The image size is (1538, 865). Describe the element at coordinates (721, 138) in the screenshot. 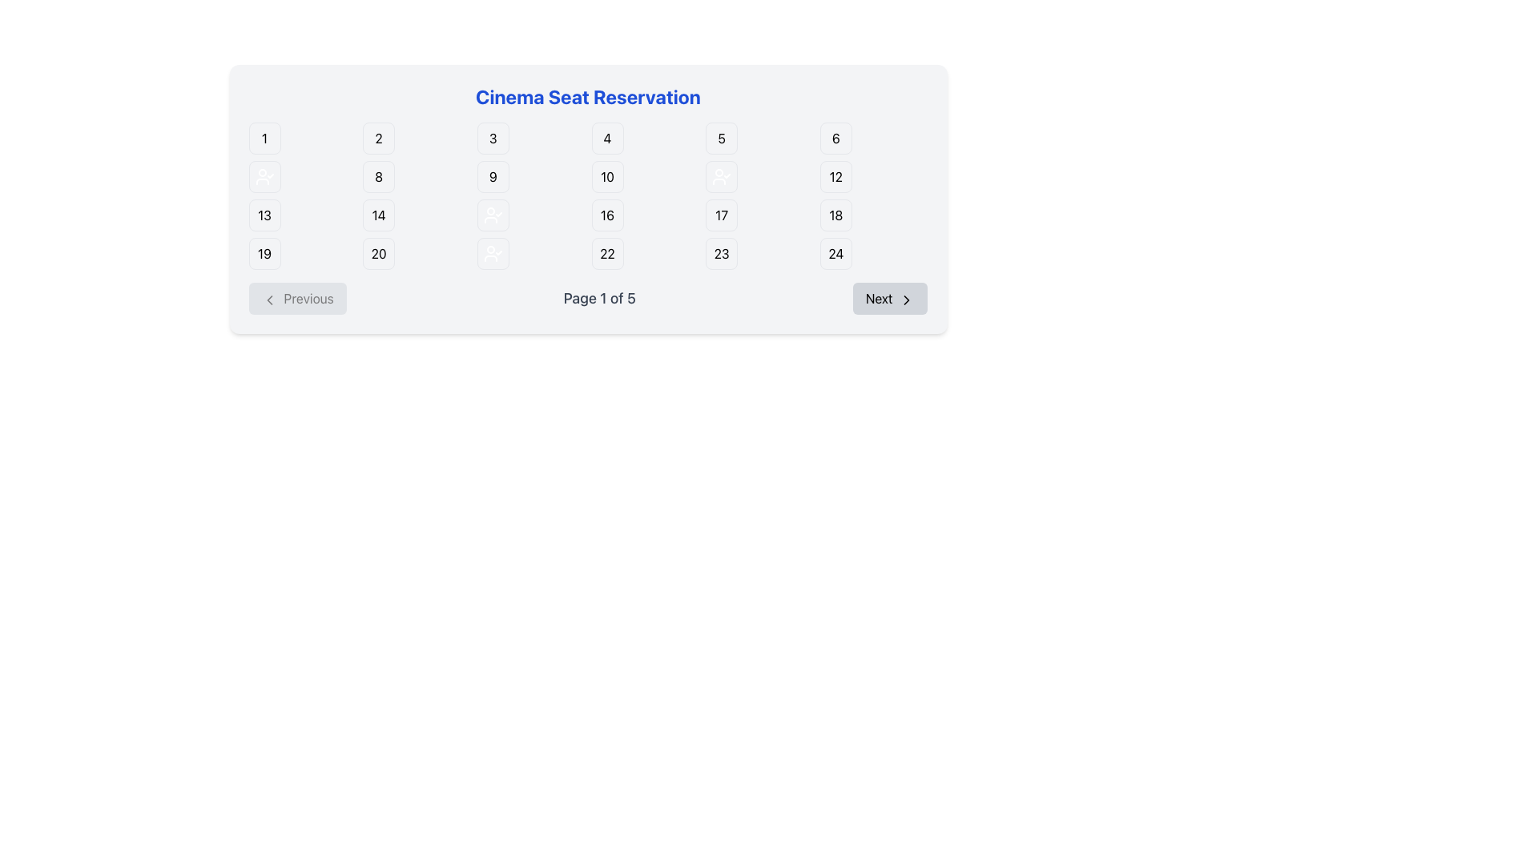

I see `the rounded square button labeled with the digit '5'` at that location.